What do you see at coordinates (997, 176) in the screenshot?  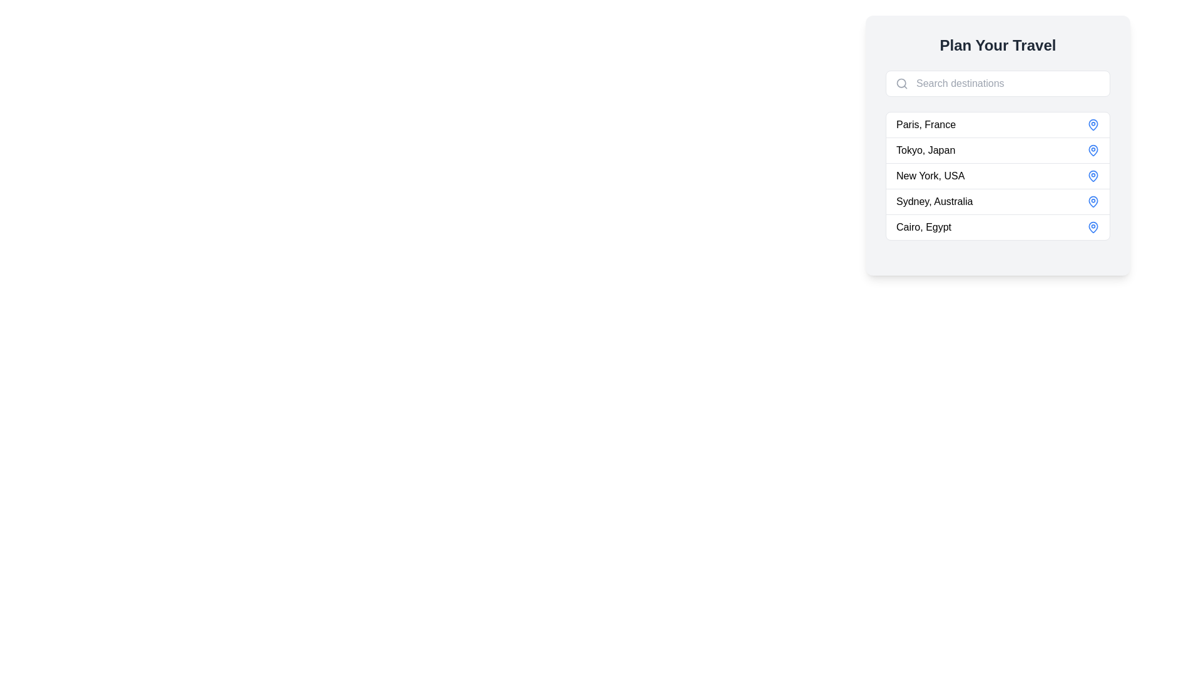 I see `the third row list item for 'New York, USA'` at bounding box center [997, 176].